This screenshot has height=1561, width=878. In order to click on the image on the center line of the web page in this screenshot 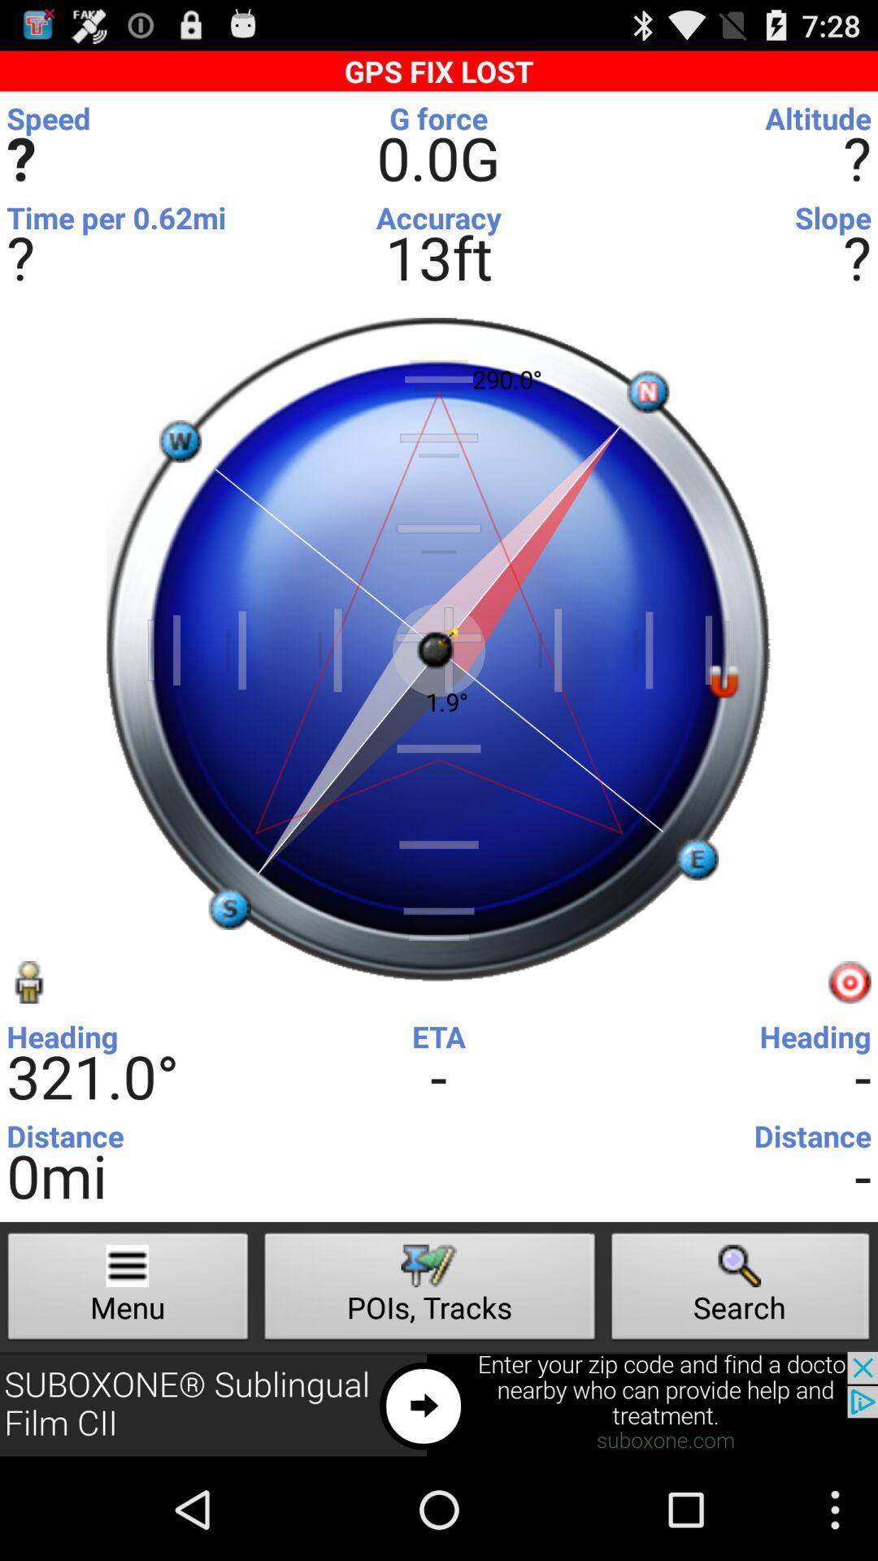, I will do `click(439, 650)`.